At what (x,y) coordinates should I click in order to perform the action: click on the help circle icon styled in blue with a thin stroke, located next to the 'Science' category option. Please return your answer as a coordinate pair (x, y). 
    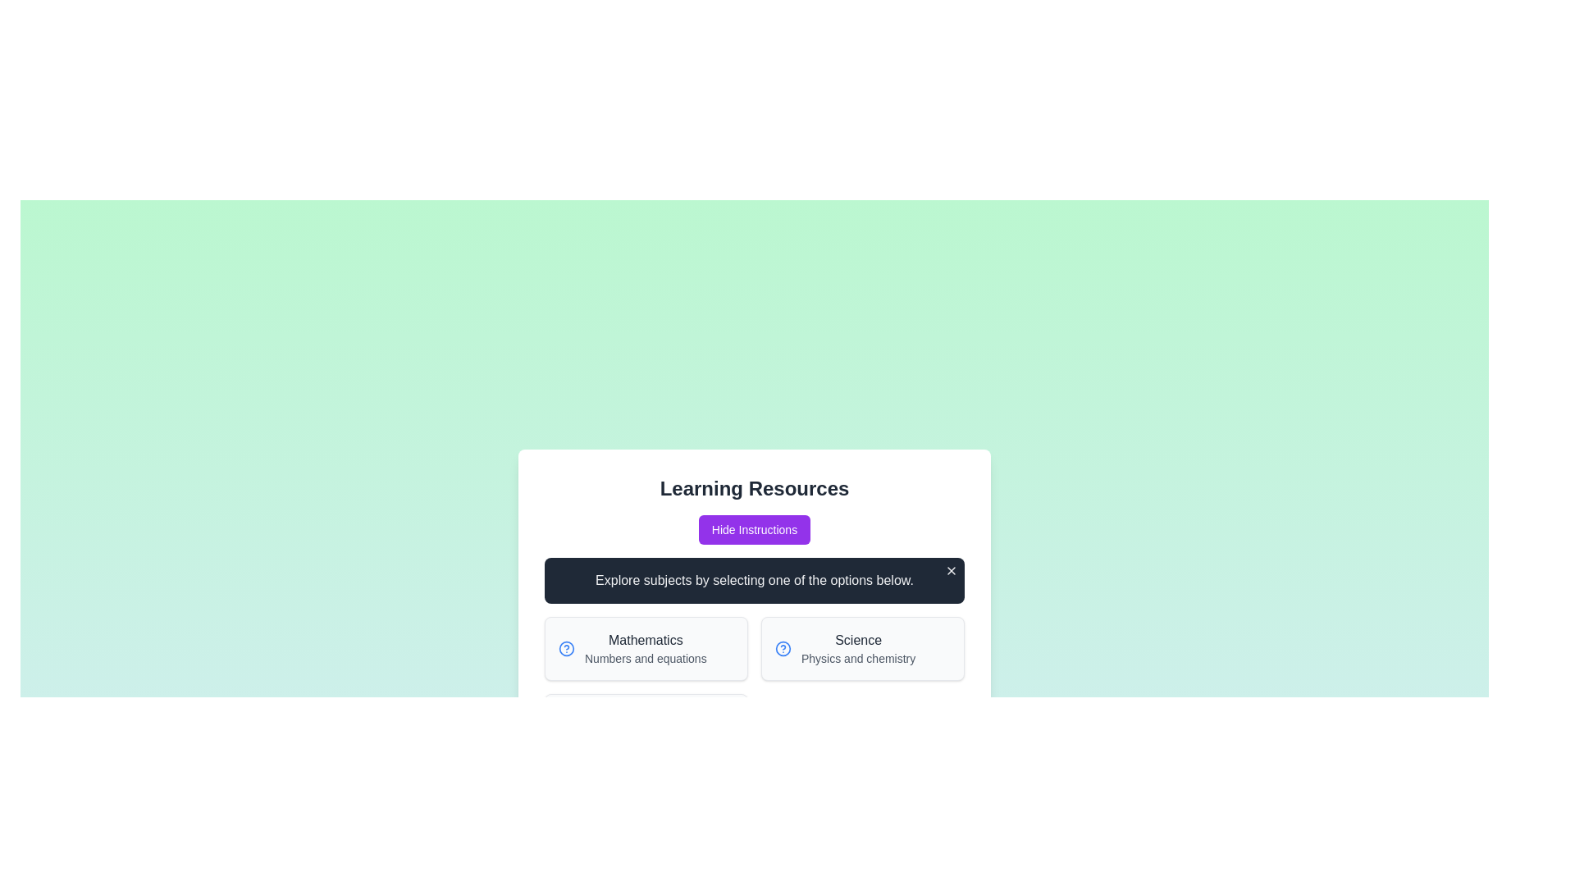
    Looking at the image, I should click on (783, 647).